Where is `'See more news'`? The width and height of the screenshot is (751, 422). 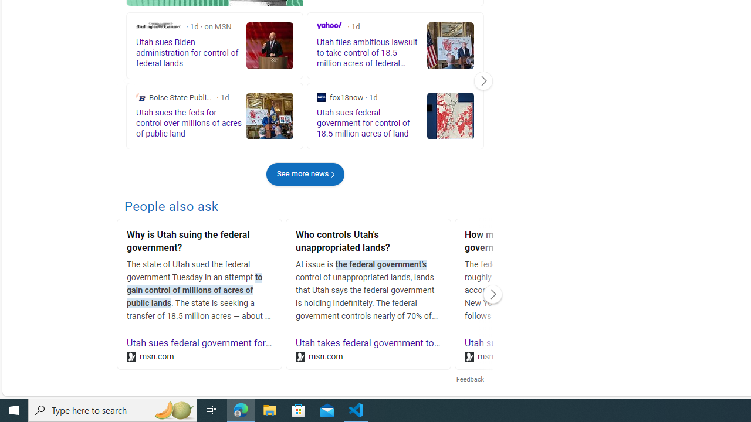
'See more news' is located at coordinates (305, 174).